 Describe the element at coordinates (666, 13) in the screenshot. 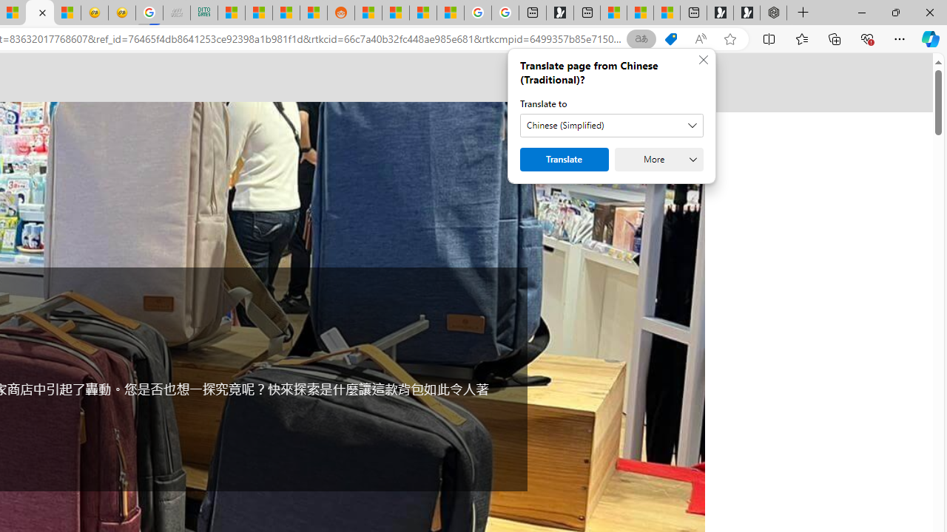

I see `'These 3 Stocks Pay You More Than 5% to Own Them'` at that location.